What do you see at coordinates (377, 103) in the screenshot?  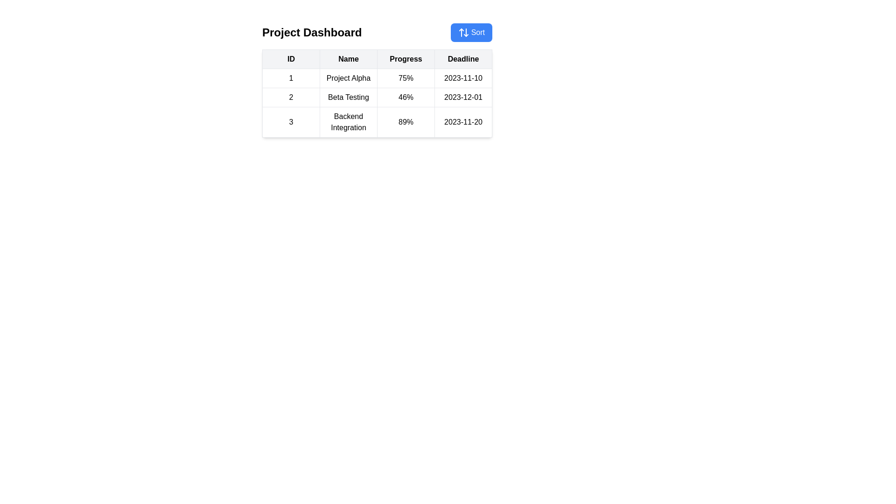 I see `the second row of the project entry table that displays the summary of key details such as name, progress, and deadline` at bounding box center [377, 103].